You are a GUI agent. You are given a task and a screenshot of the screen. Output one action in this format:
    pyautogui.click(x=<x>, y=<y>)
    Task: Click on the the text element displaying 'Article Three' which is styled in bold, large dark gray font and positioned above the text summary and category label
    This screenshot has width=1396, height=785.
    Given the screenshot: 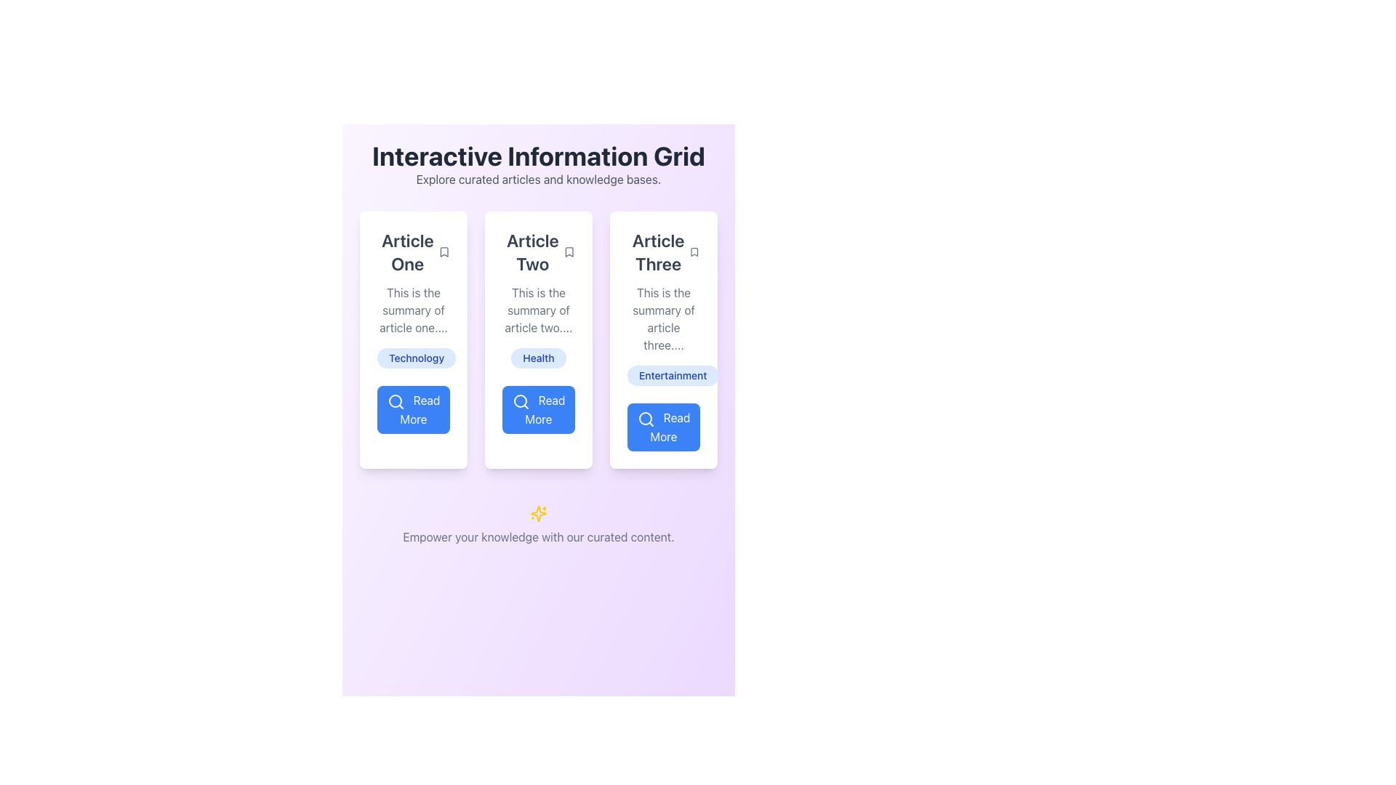 What is the action you would take?
    pyautogui.click(x=657, y=251)
    